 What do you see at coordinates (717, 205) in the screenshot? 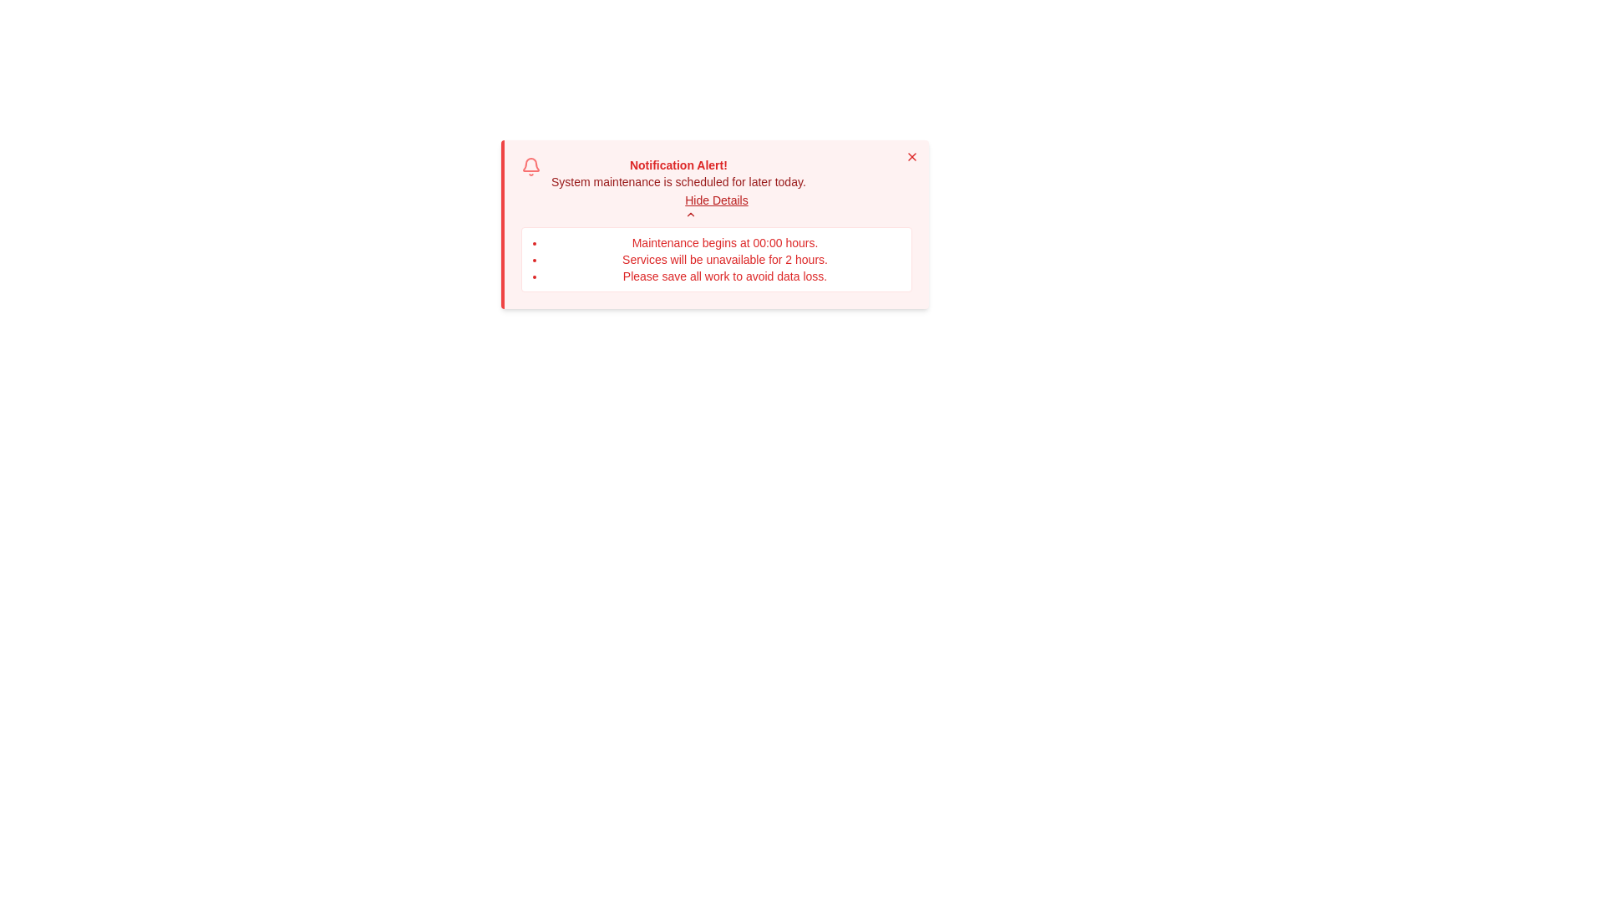
I see `the 'Hide Details' button to collapse the details section` at bounding box center [717, 205].